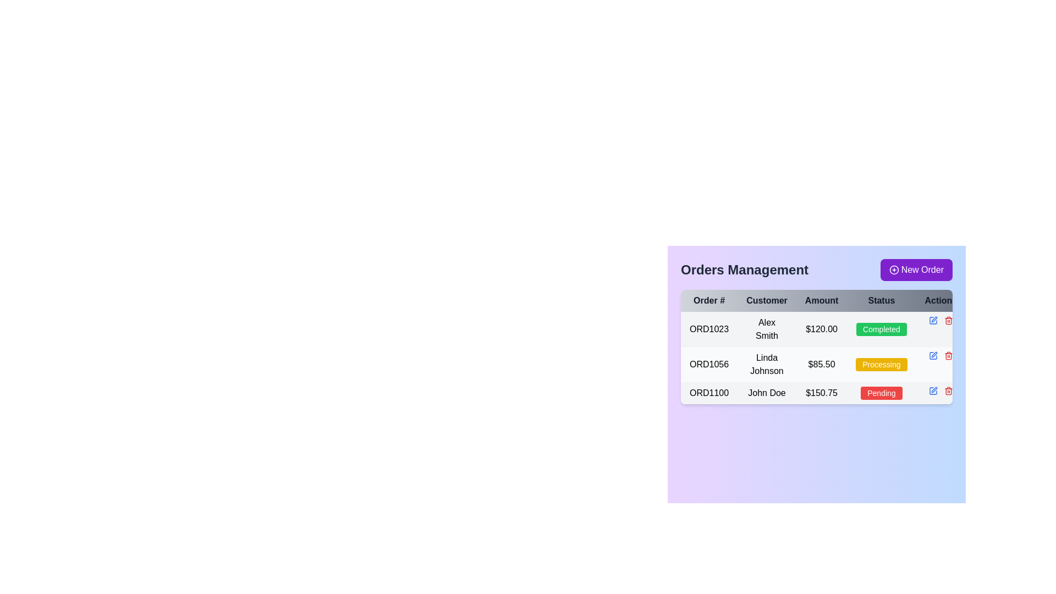 The height and width of the screenshot is (594, 1056). I want to click on the static text element displaying the total amount for order 'ORD1056' made by 'Linda Johnson' in the 'Orders Management' section, so click(822, 365).